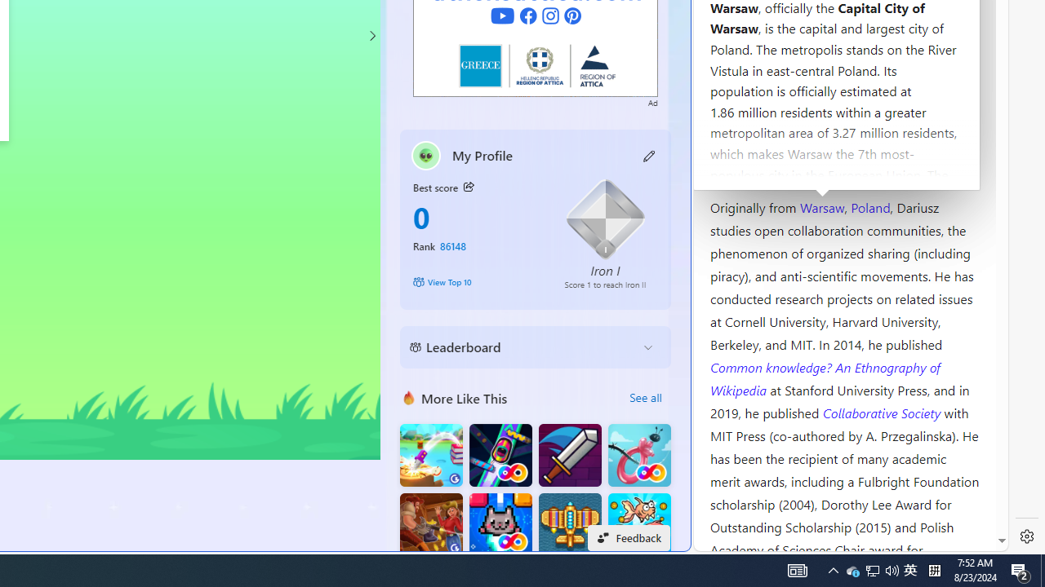 The width and height of the screenshot is (1045, 587). I want to click on 'Class: control', so click(371, 35).